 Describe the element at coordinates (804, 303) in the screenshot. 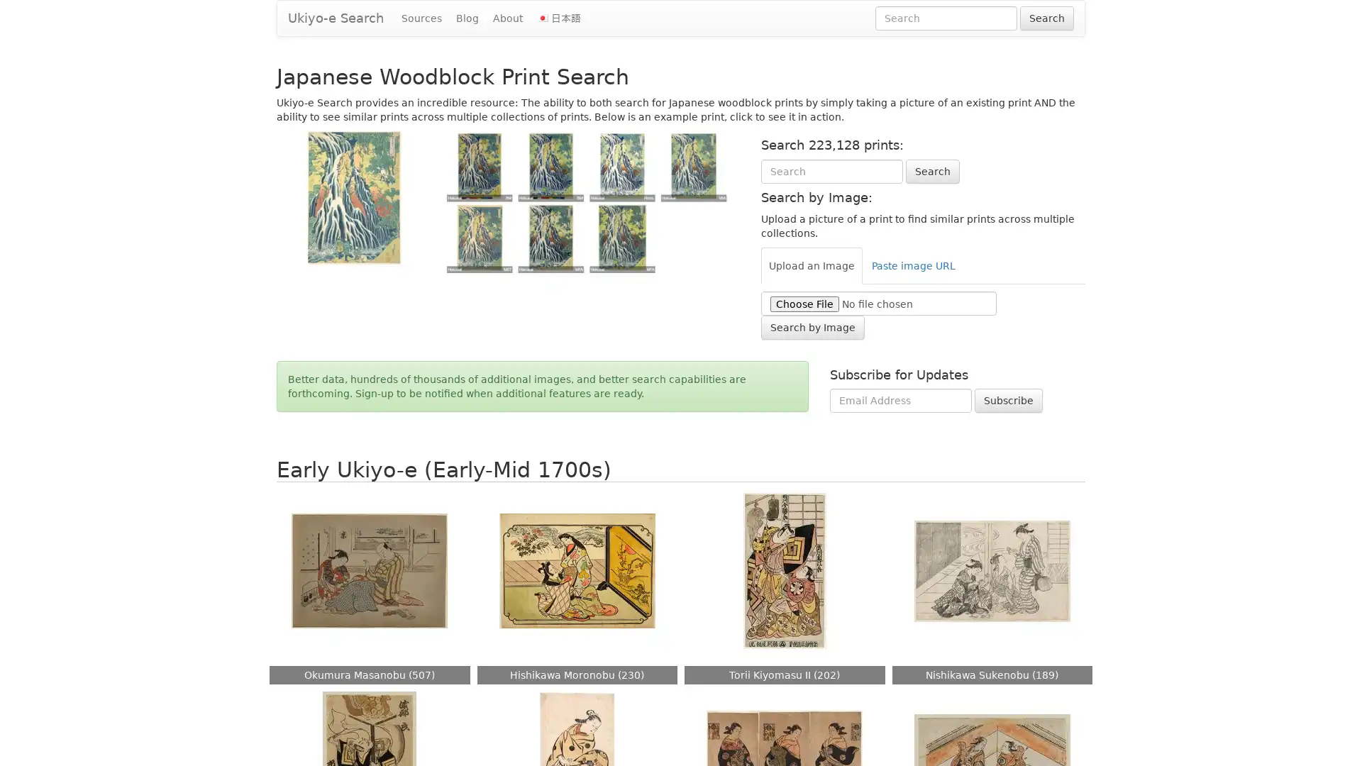

I see `Choose File` at that location.